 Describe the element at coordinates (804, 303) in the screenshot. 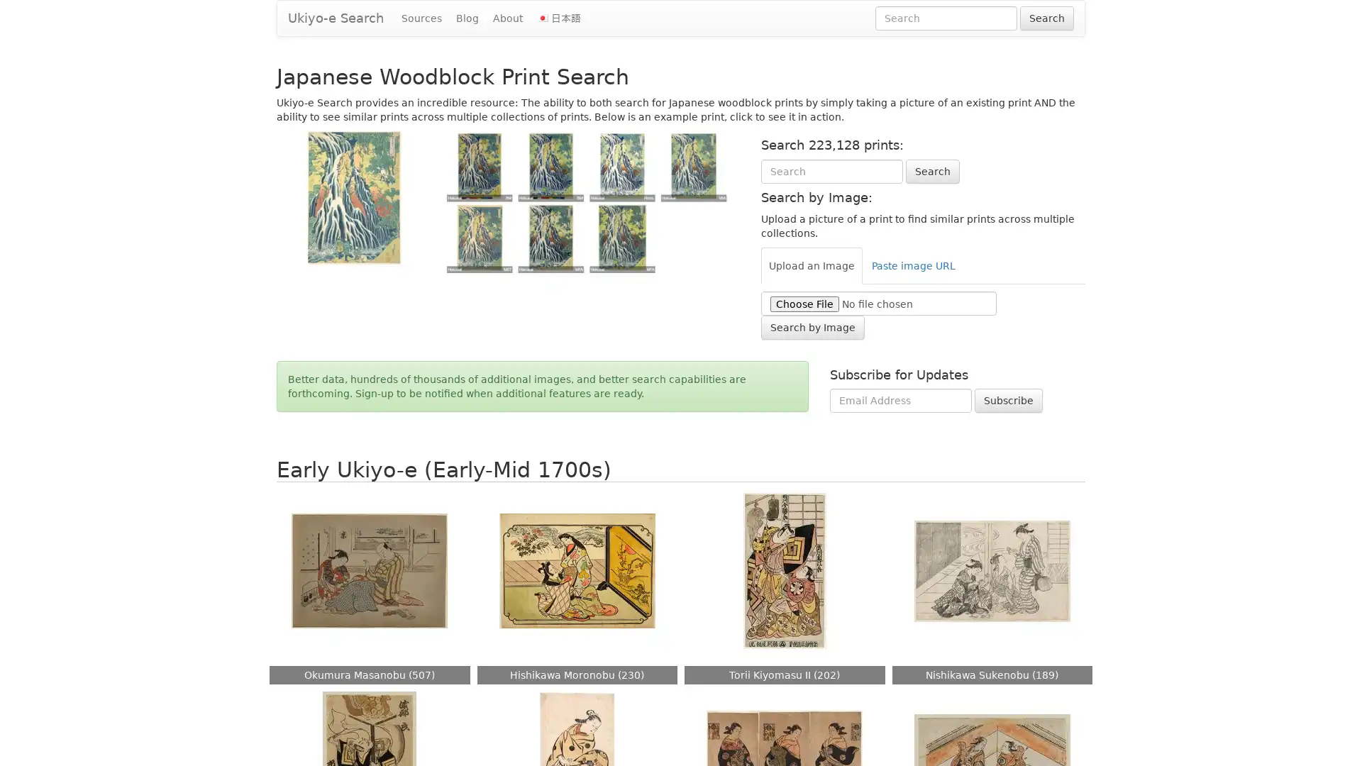

I see `Choose File` at that location.